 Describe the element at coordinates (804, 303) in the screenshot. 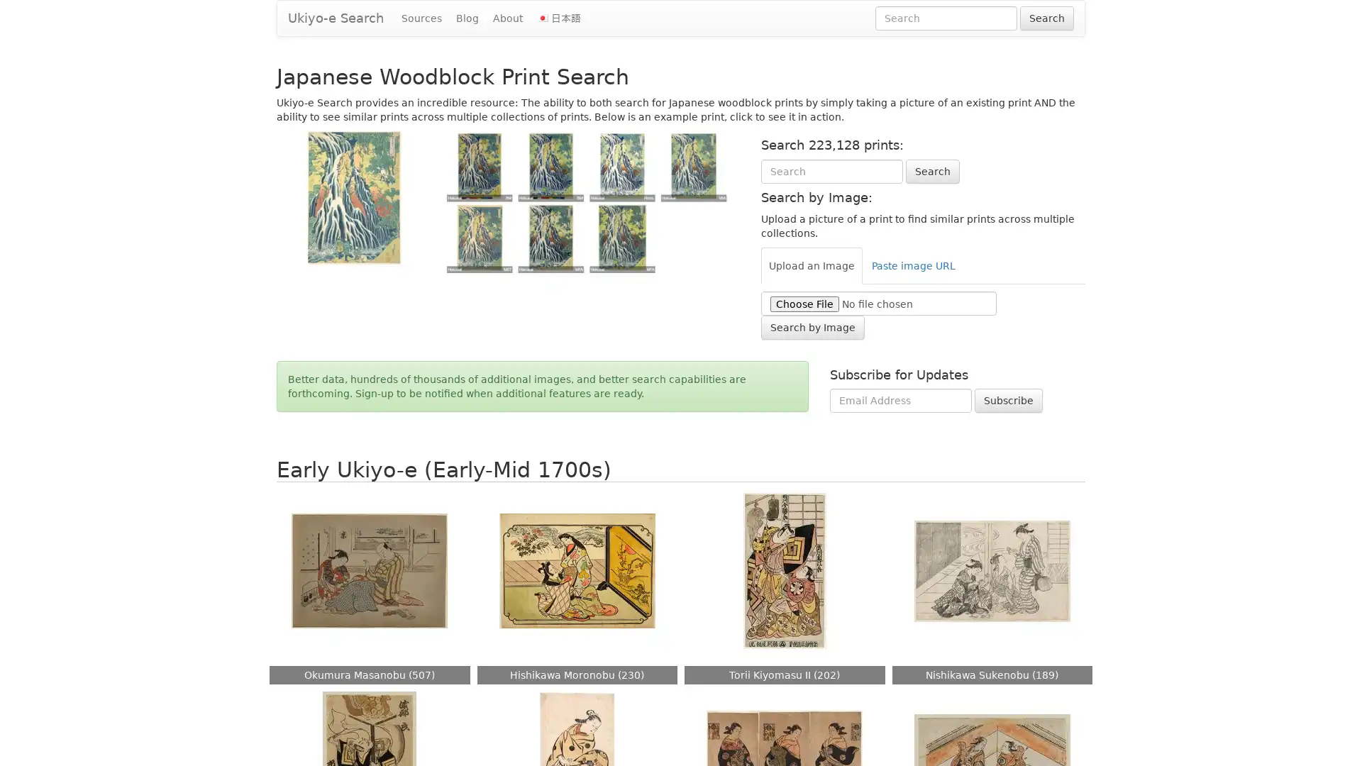

I see `Choose File` at that location.